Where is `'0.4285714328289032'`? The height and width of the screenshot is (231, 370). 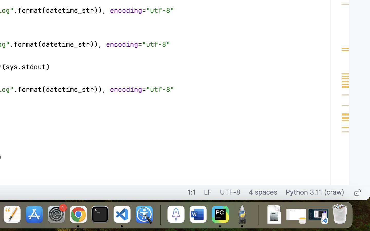 '0.4285714328289032' is located at coordinates (159, 215).